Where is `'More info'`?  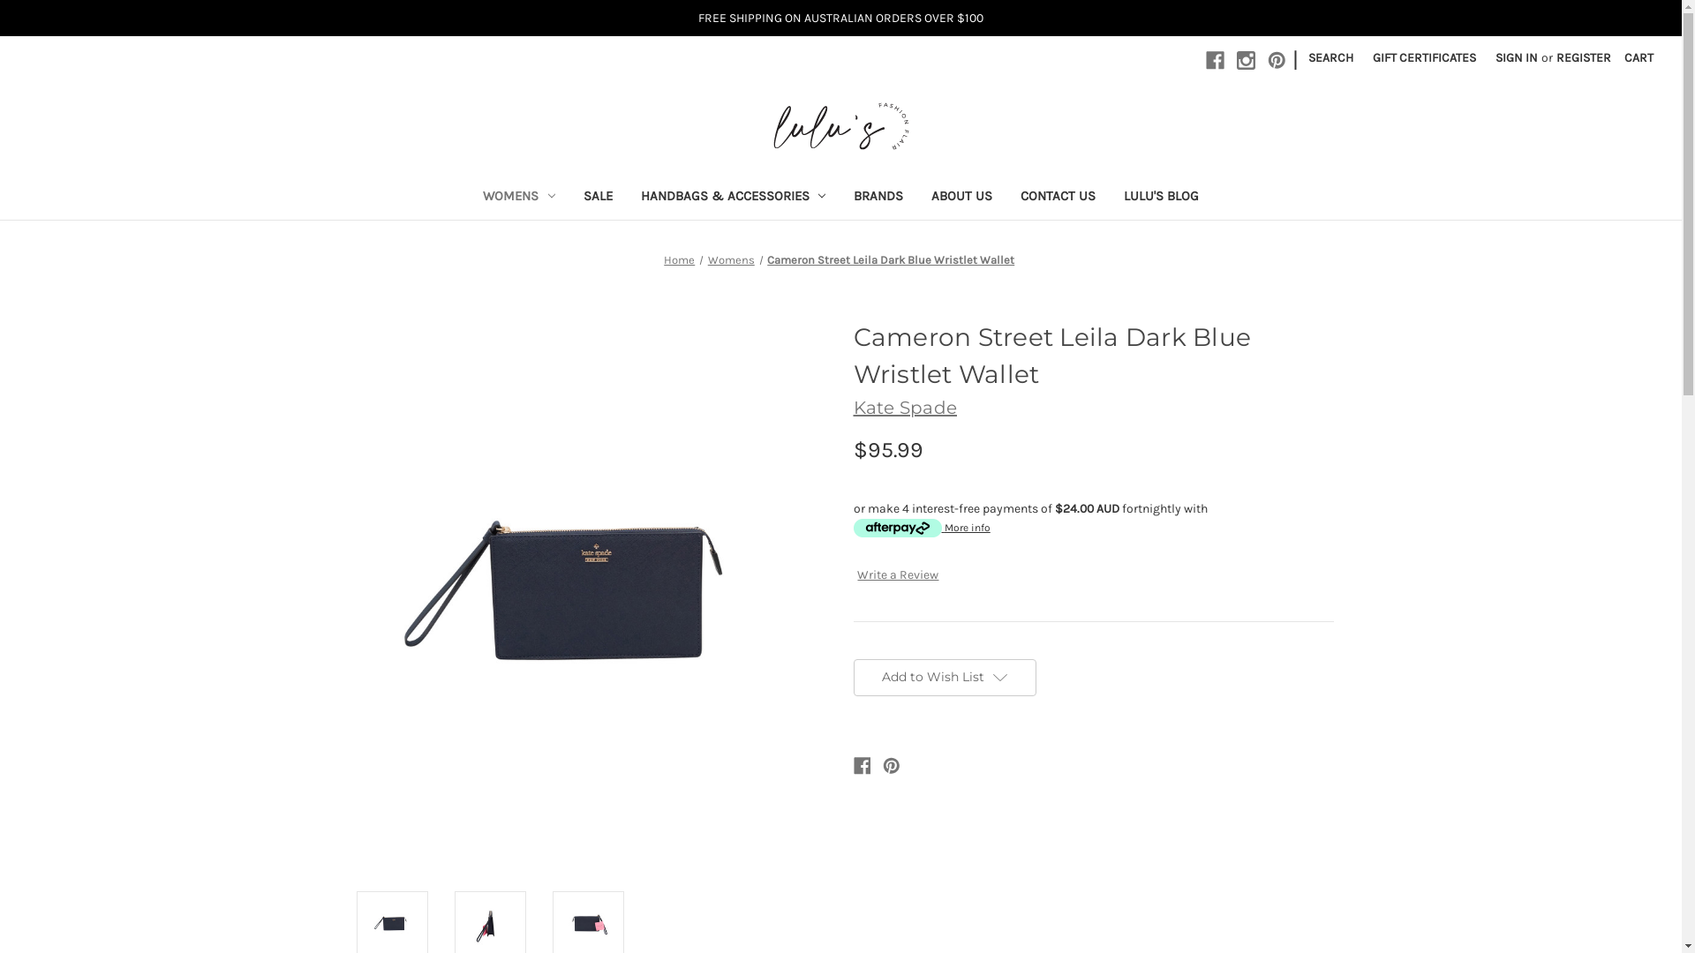 'More info' is located at coordinates (920, 526).